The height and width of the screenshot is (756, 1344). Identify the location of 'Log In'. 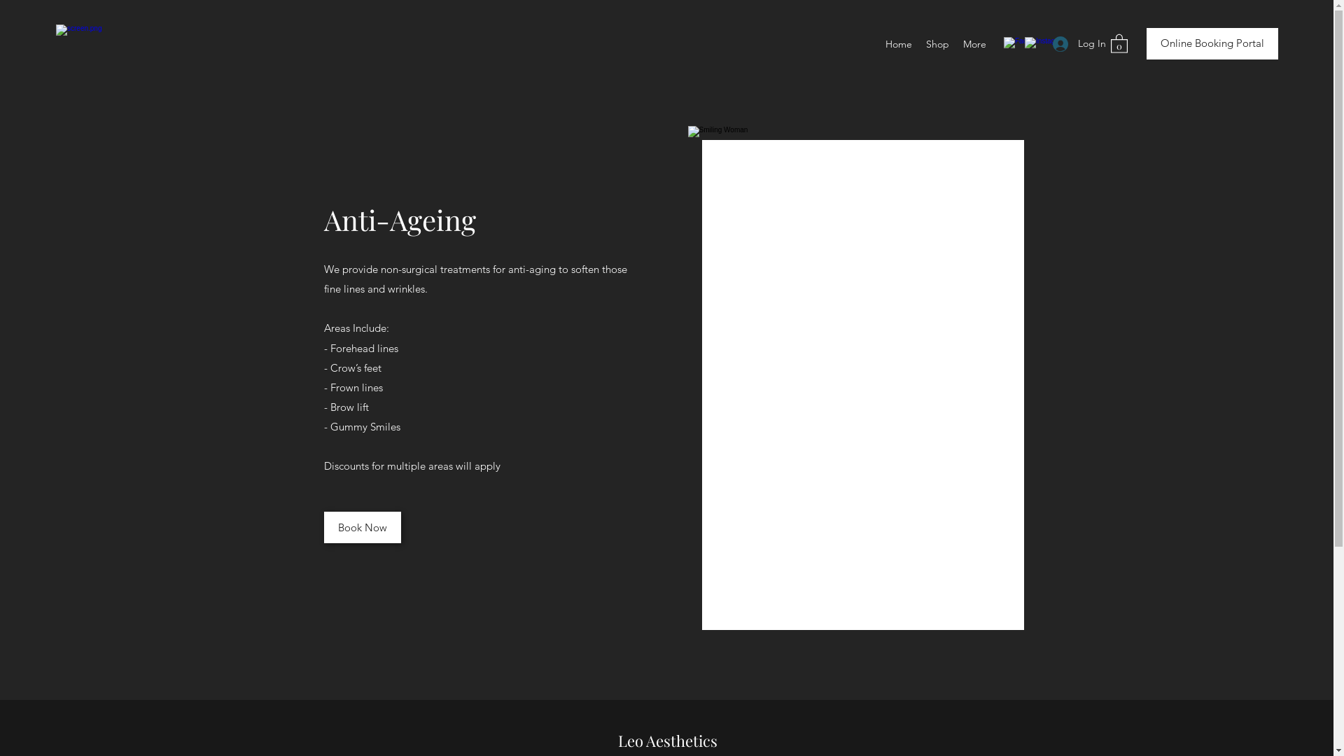
(1074, 43).